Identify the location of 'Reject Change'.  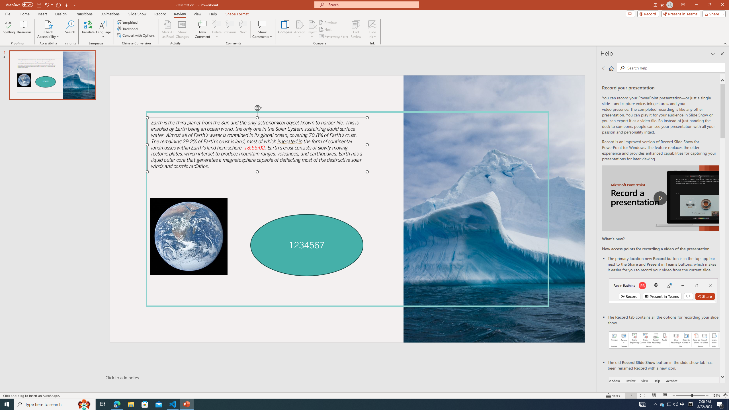
(312, 24).